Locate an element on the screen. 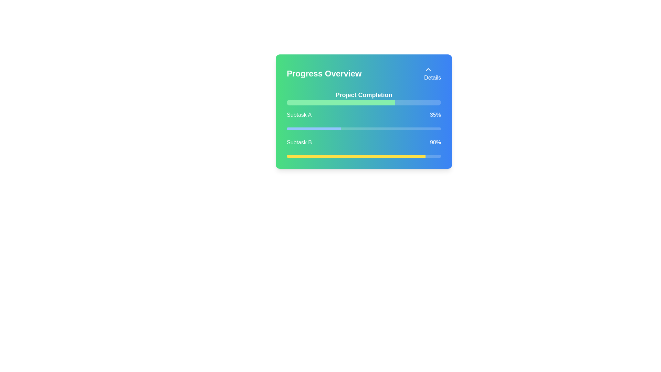  the upward-pointing Chevron icon located at the top-right corner of the 'Progress Overview' card is located at coordinates (428, 69).